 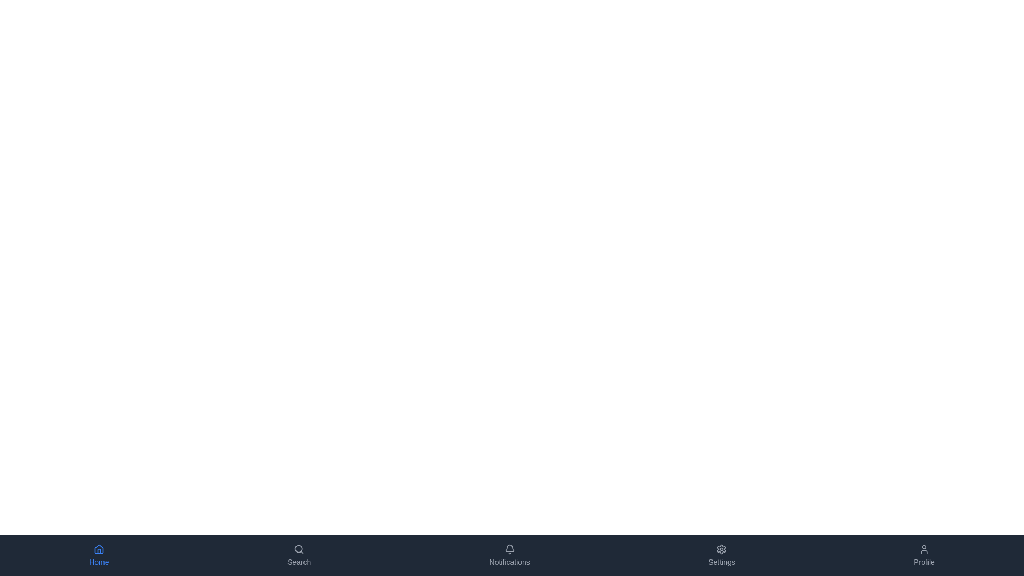 What do you see at coordinates (509, 549) in the screenshot?
I see `the gray bell icon above the 'Notifications' label` at bounding box center [509, 549].